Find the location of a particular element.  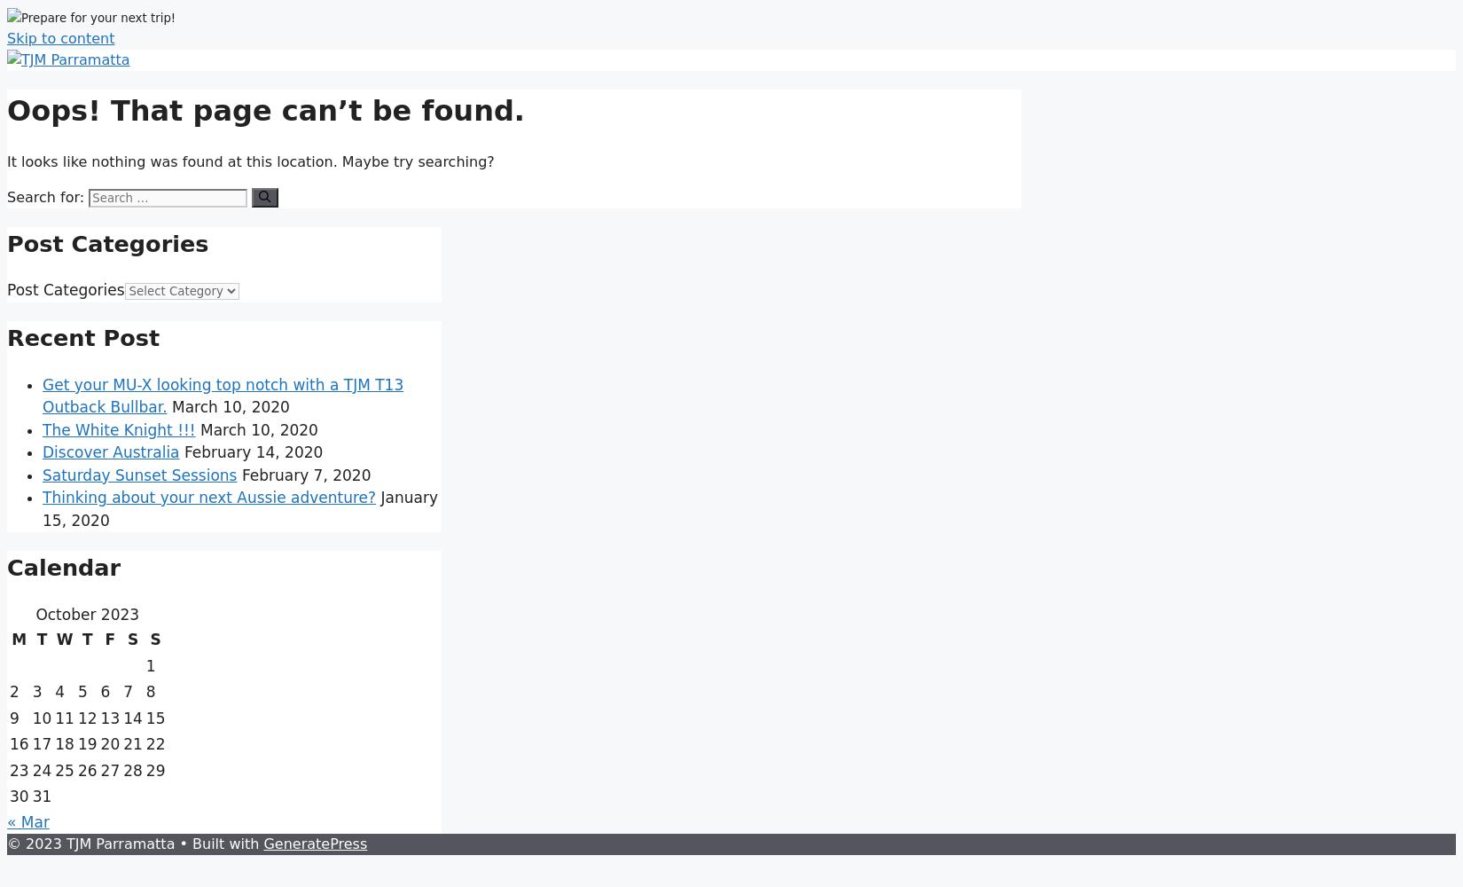

'4' is located at coordinates (59, 692).